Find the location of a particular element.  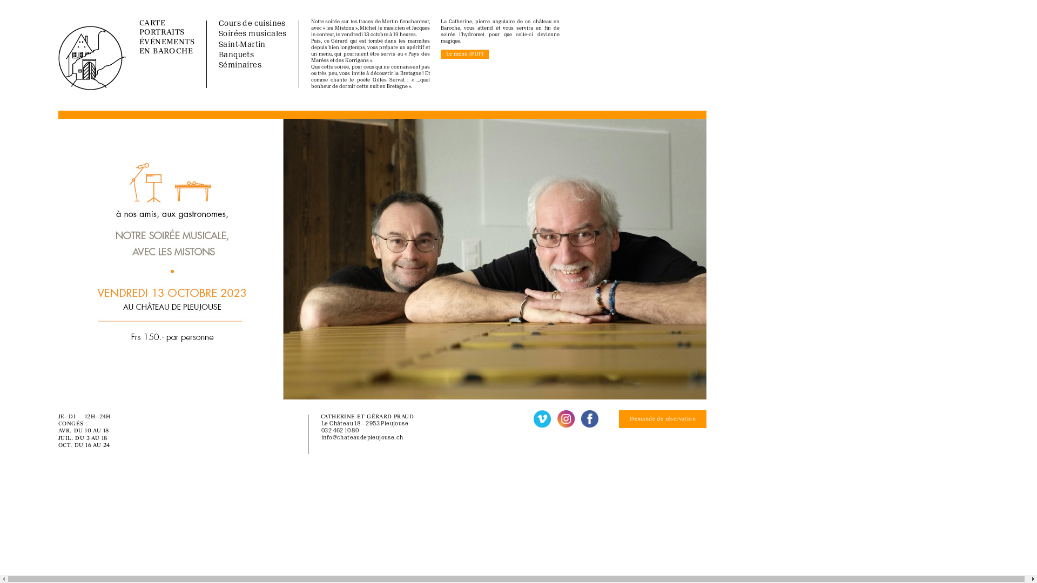

'CARTE' is located at coordinates (152, 23).